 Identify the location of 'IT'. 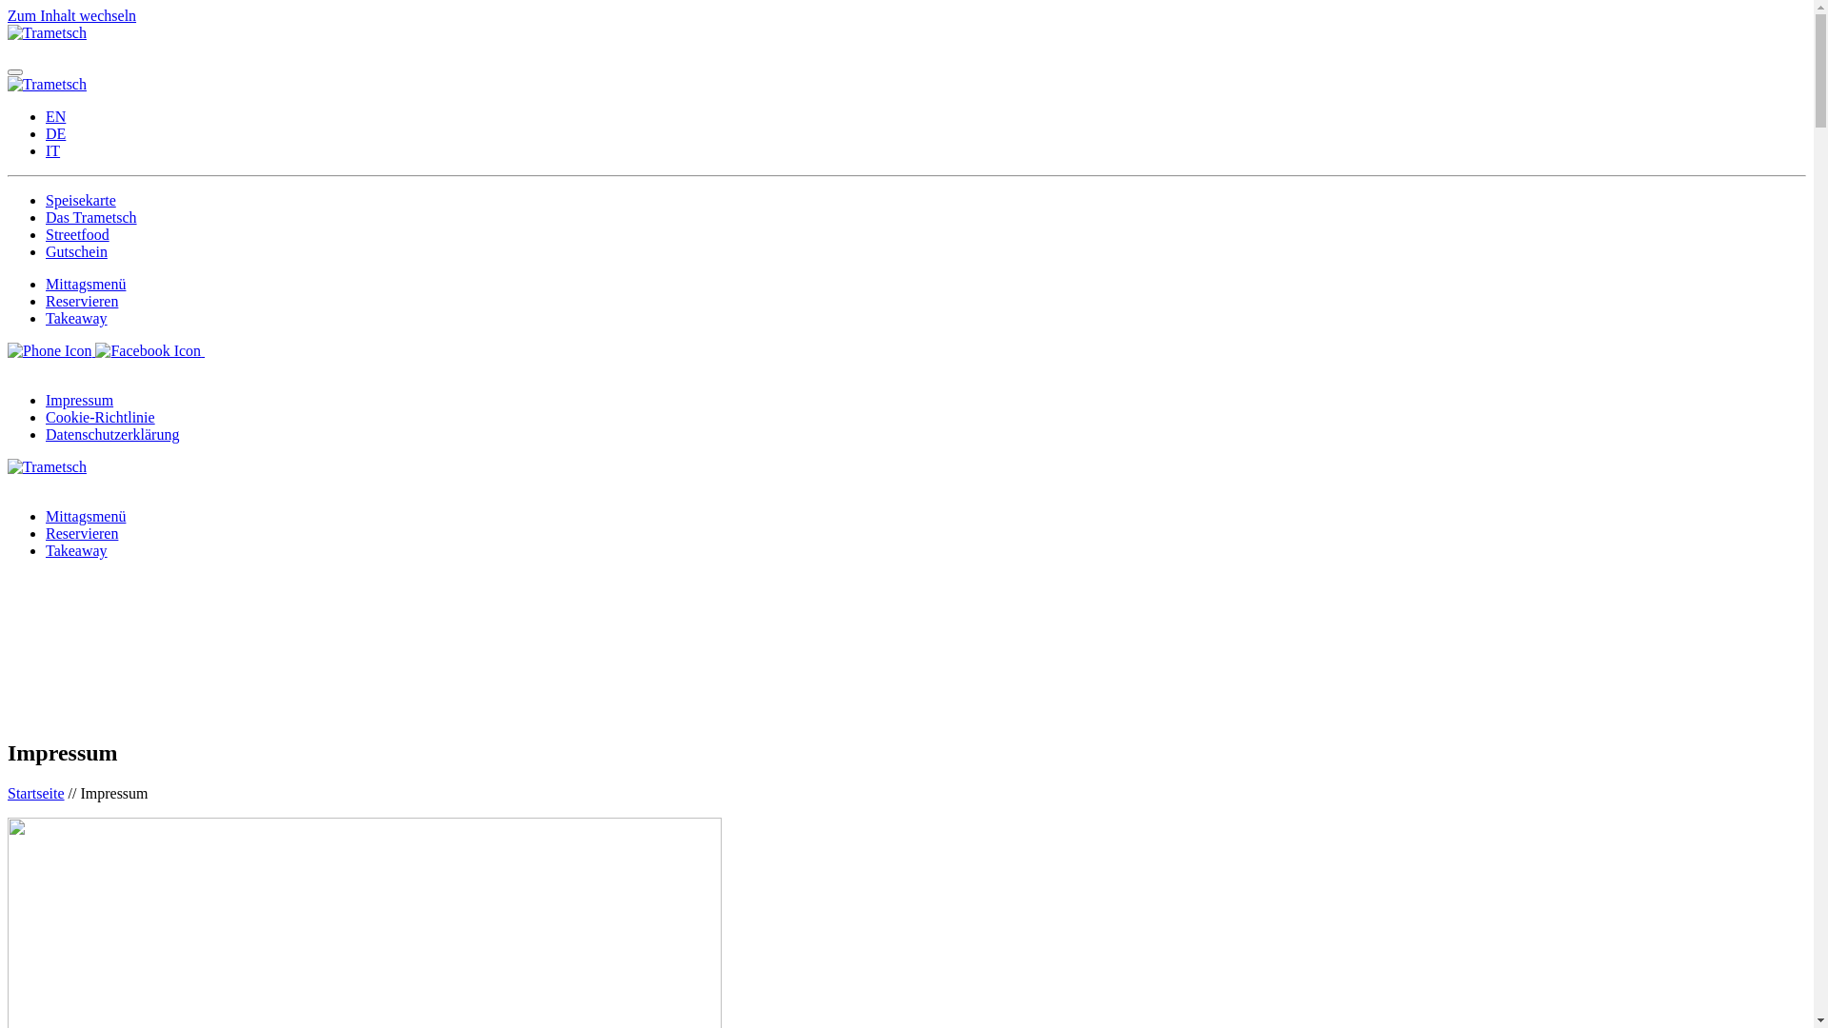
(46, 149).